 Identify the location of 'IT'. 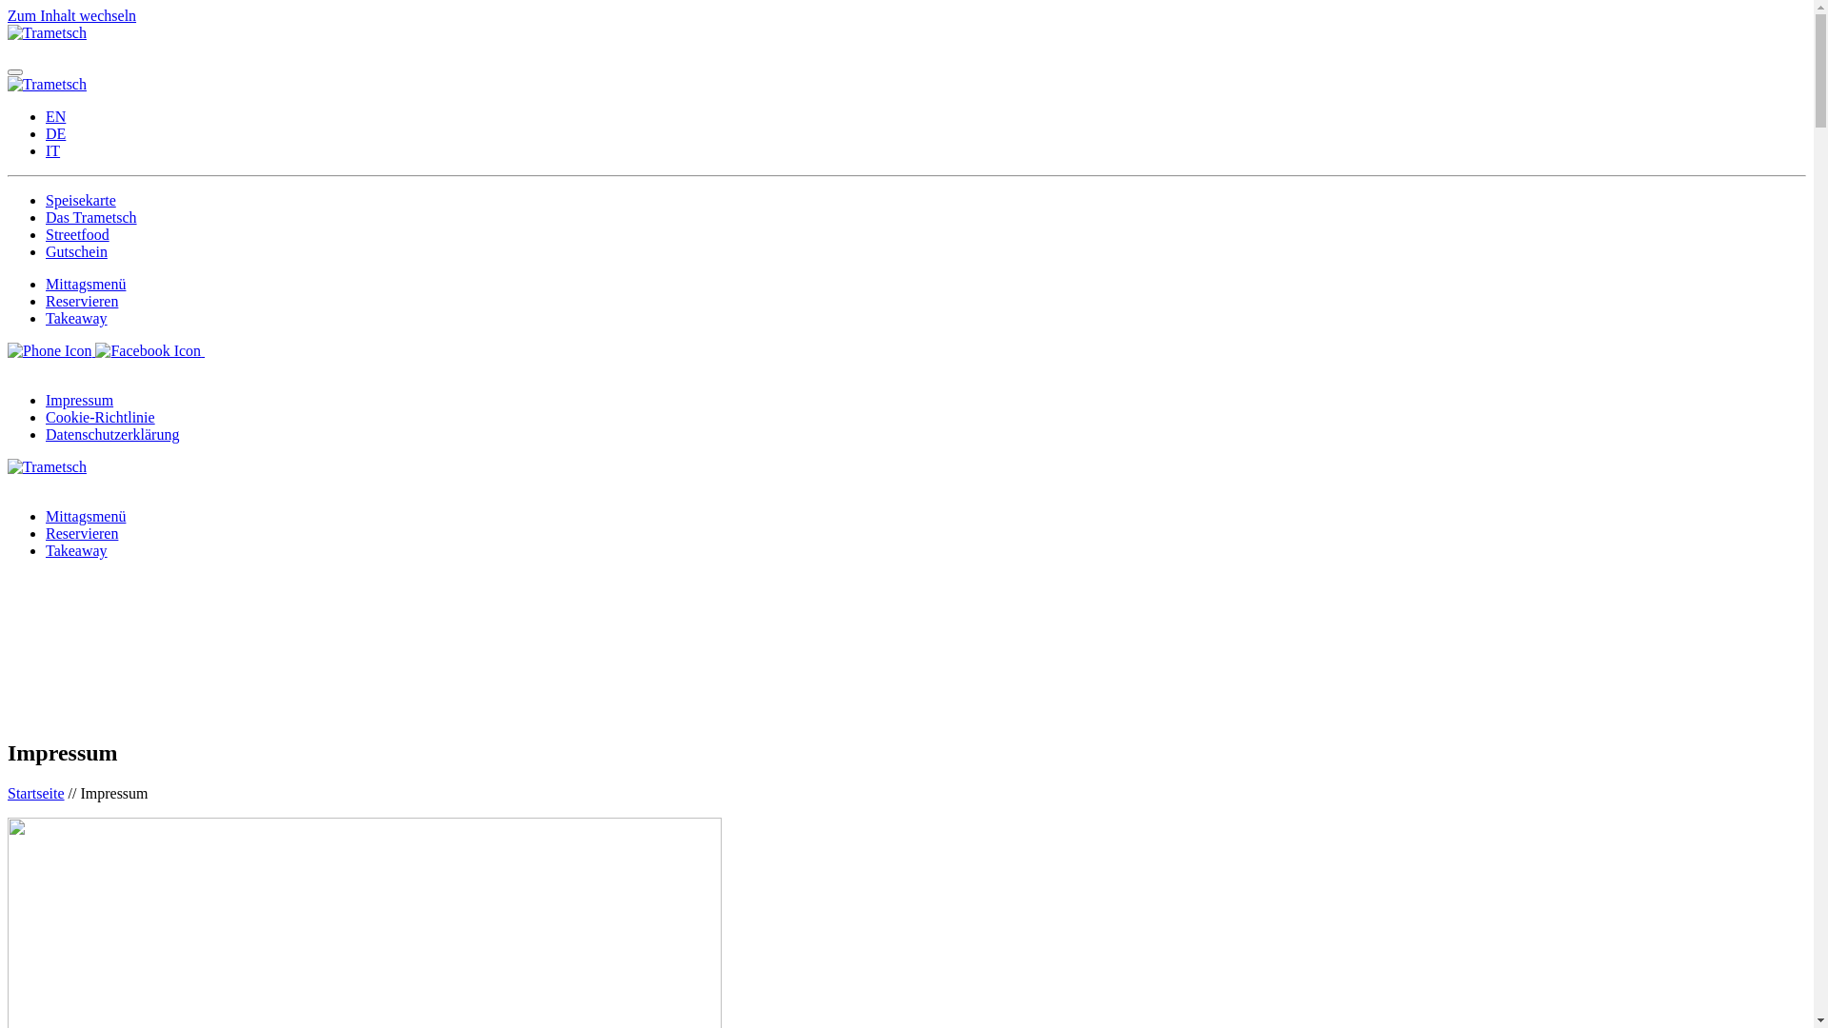
(46, 149).